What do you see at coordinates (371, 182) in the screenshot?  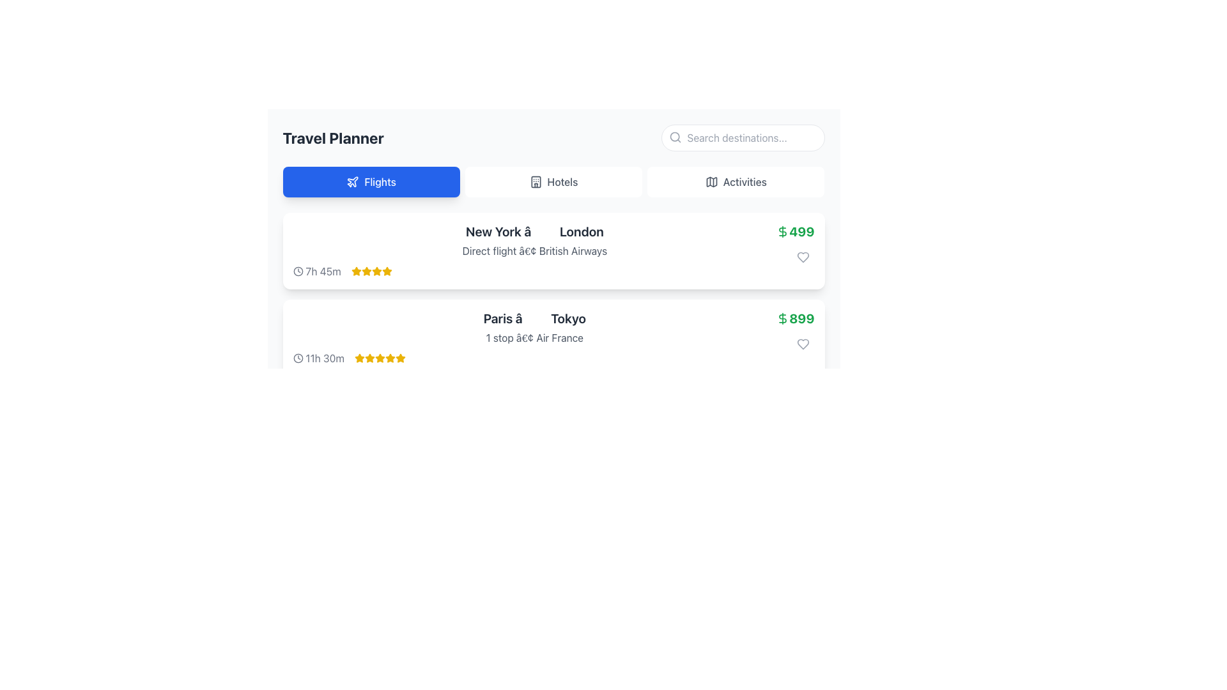 I see `the rectangular 'Flights' button with white text and an airplane icon on its left` at bounding box center [371, 182].